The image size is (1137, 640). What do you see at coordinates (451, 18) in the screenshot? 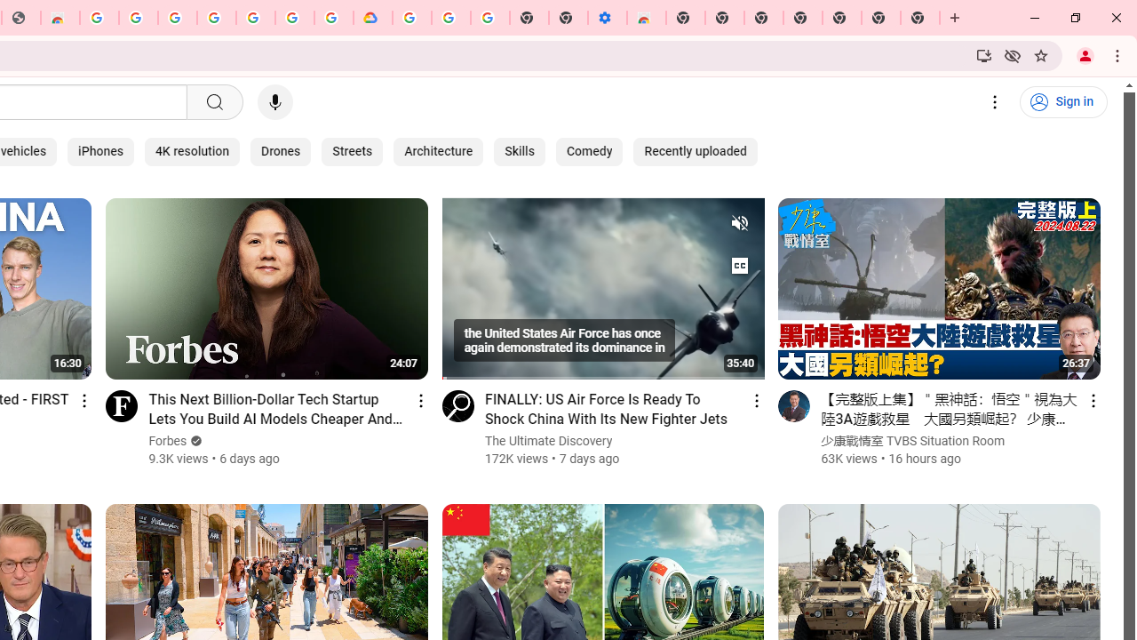
I see `'Google Account Help'` at bounding box center [451, 18].